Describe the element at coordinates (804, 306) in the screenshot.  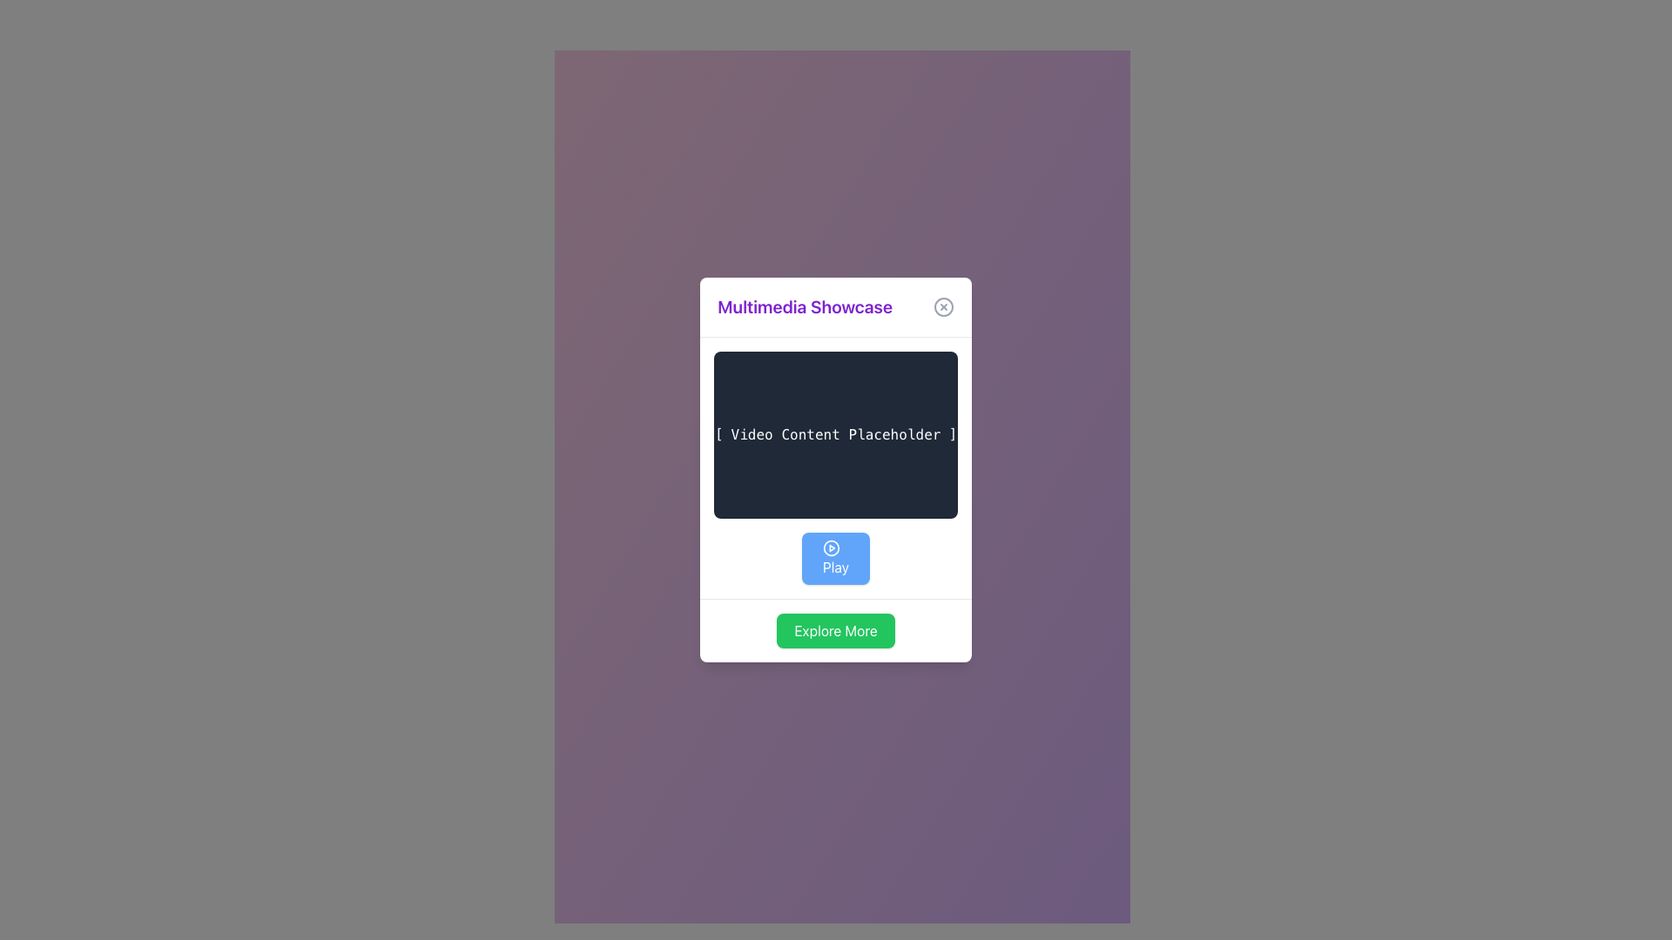
I see `text from the header label located at the top-left corner of the card, above the video placeholder and buttons, sharing space with a small circle icon` at that location.